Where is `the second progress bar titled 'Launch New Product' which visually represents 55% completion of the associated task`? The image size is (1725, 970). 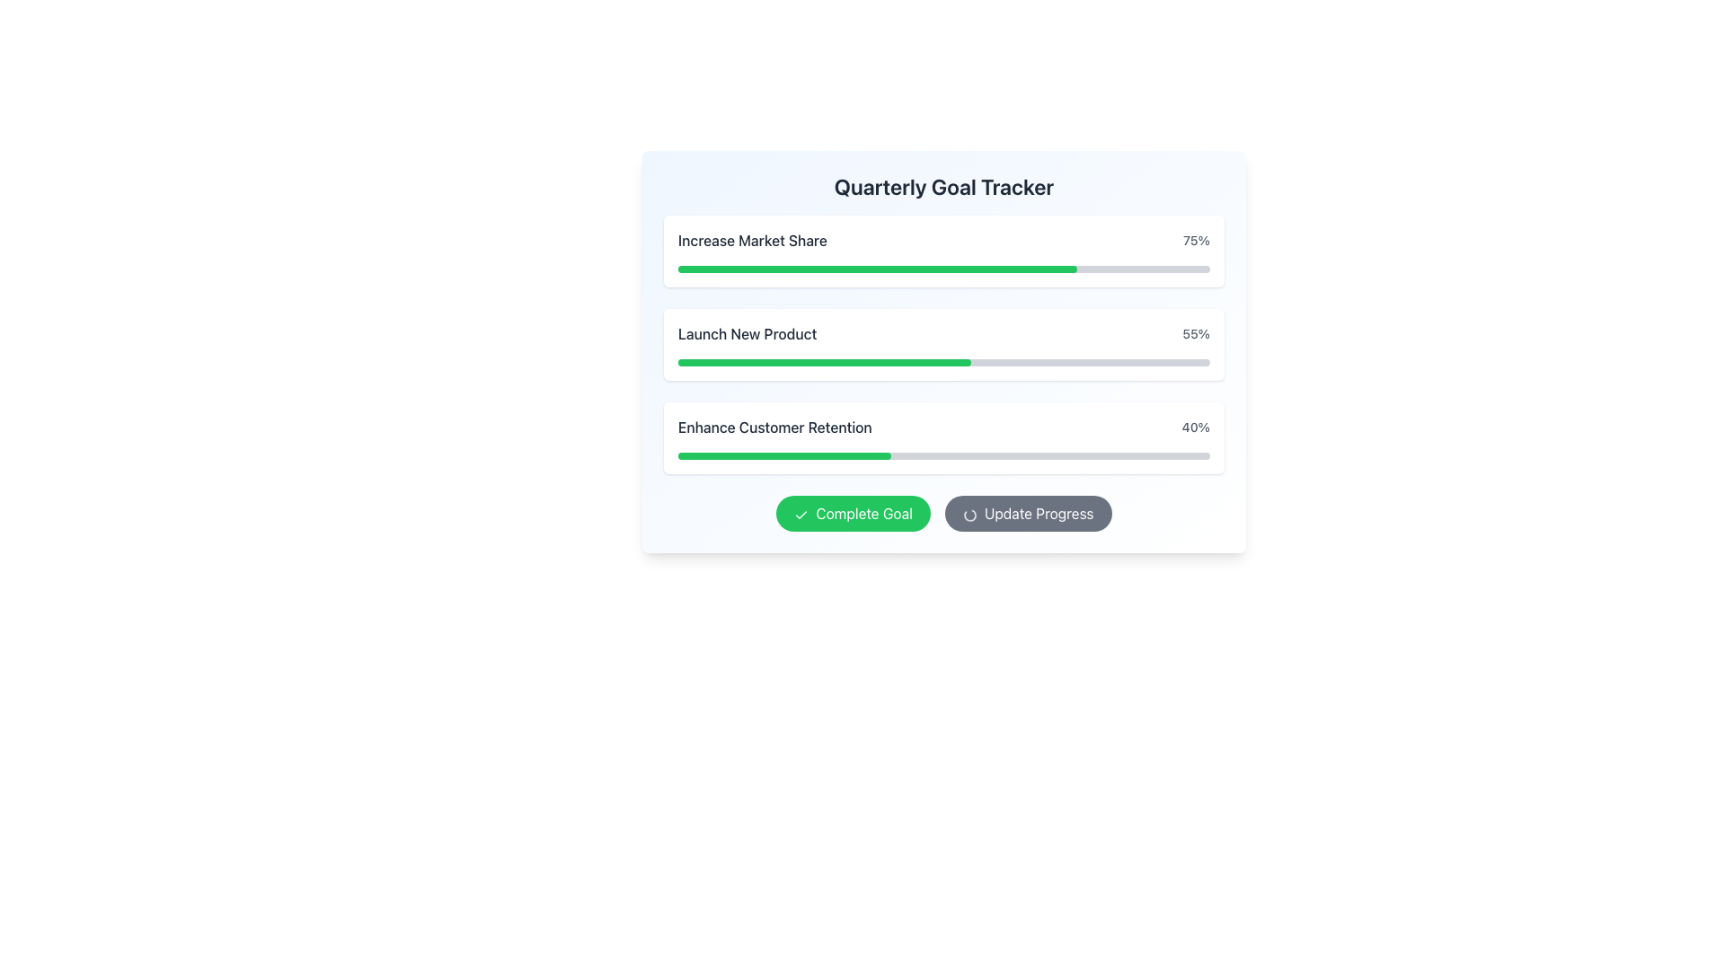
the second progress bar titled 'Launch New Product' which visually represents 55% completion of the associated task is located at coordinates (823, 363).